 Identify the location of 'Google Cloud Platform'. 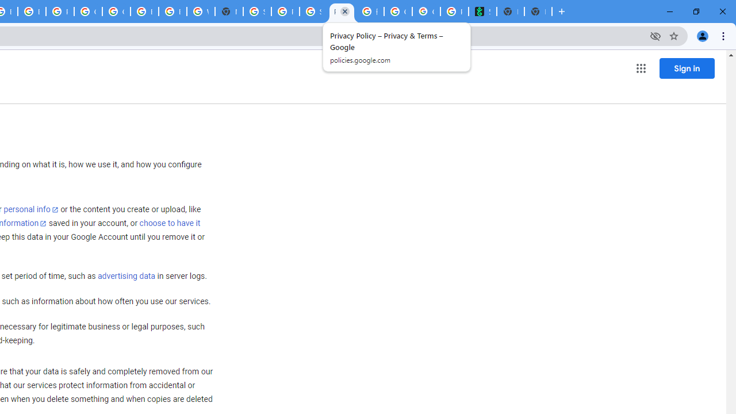
(116, 11).